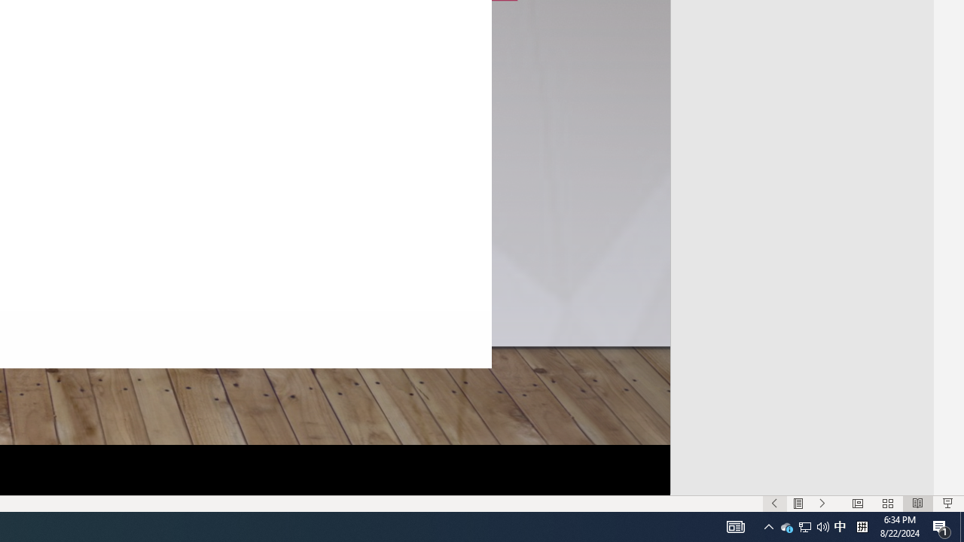 This screenshot has width=964, height=542. What do you see at coordinates (774, 504) in the screenshot?
I see `'Slide Show Previous On'` at bounding box center [774, 504].